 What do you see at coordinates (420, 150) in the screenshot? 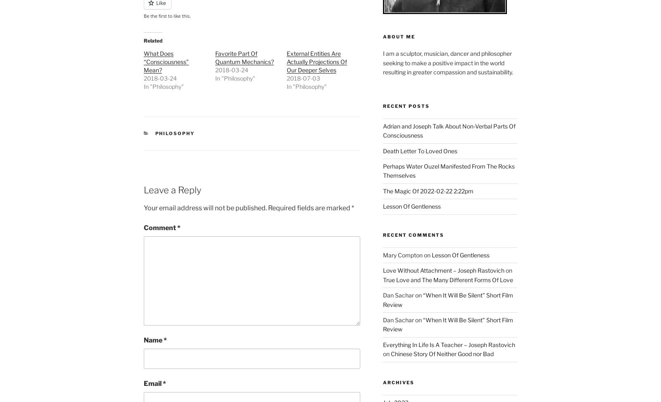
I see `'Death Letter To Loved Ones'` at bounding box center [420, 150].